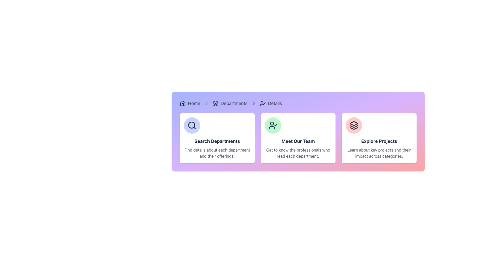  Describe the element at coordinates (190, 103) in the screenshot. I see `the Breadcrumb navigation link labeled 'Home', which consists of a house icon followed by the text 'Home', positioned at the top left of the navigation bar` at that location.